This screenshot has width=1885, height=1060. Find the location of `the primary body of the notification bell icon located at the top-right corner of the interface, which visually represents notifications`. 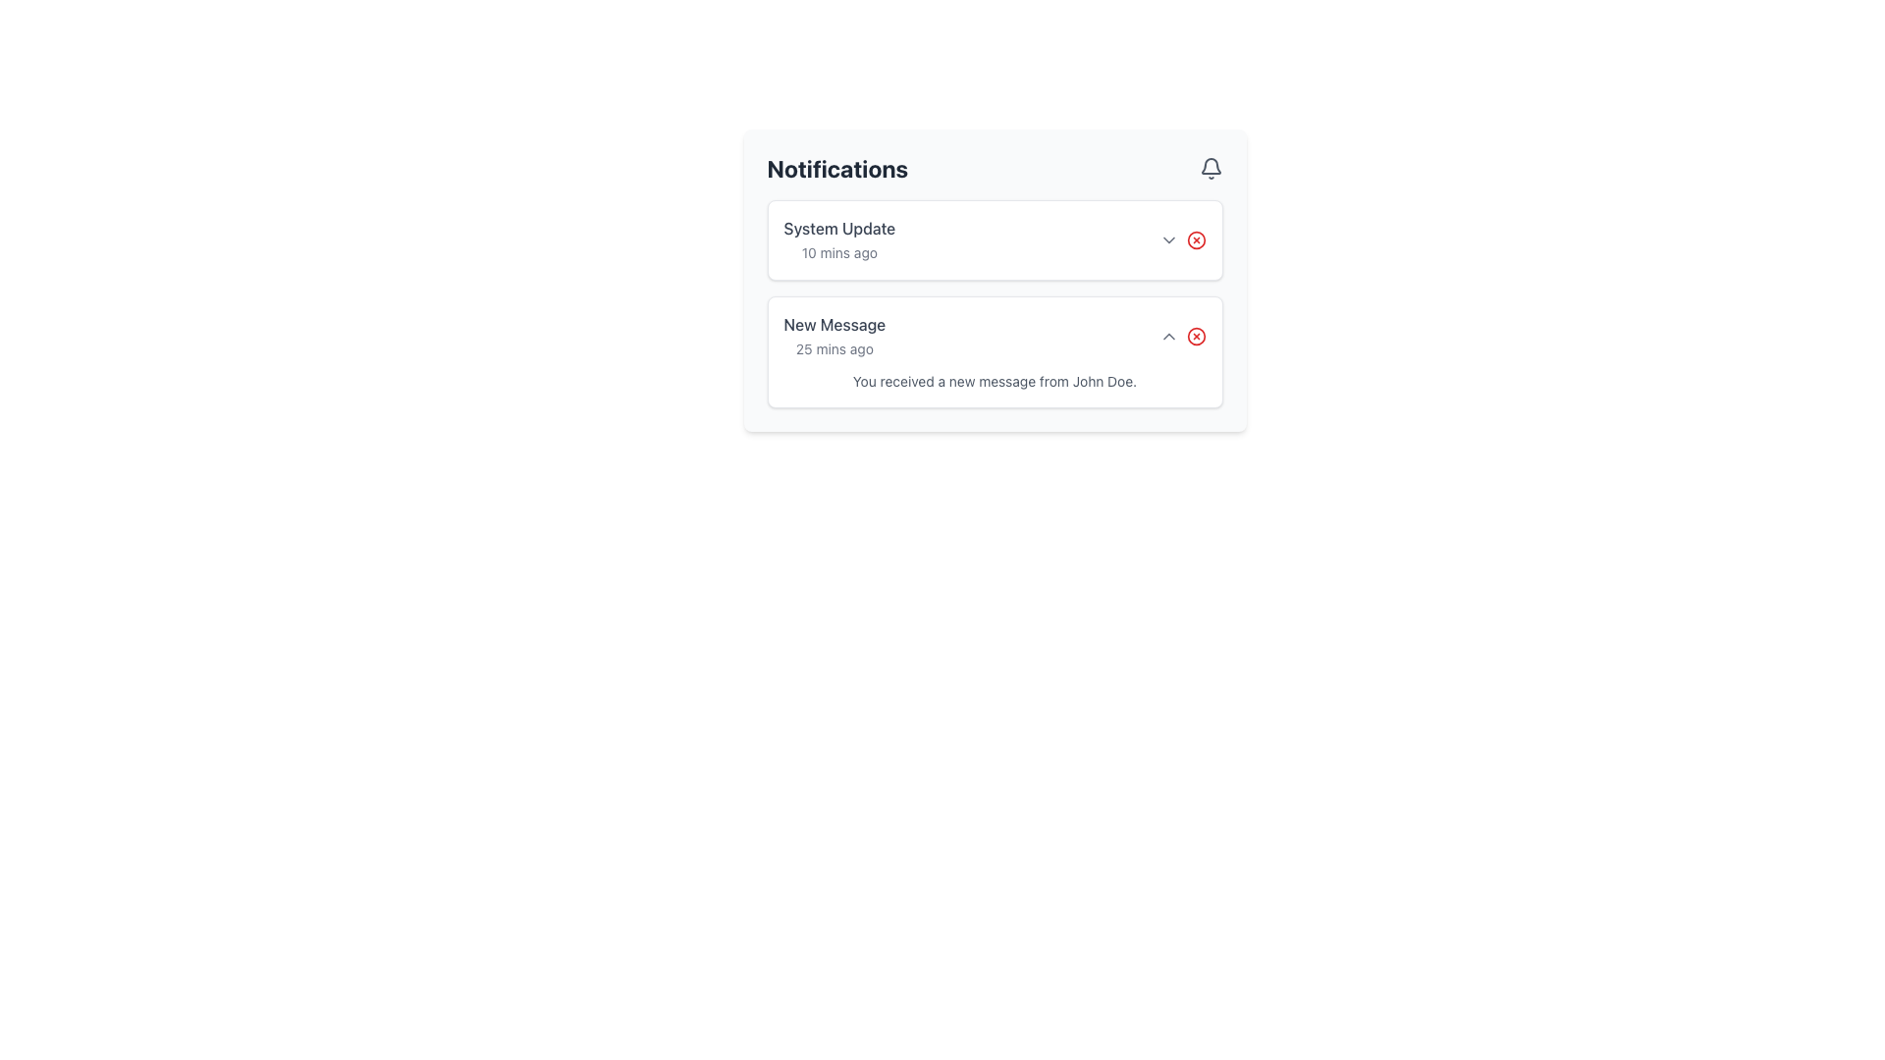

the primary body of the notification bell icon located at the top-right corner of the interface, which visually represents notifications is located at coordinates (1210, 165).